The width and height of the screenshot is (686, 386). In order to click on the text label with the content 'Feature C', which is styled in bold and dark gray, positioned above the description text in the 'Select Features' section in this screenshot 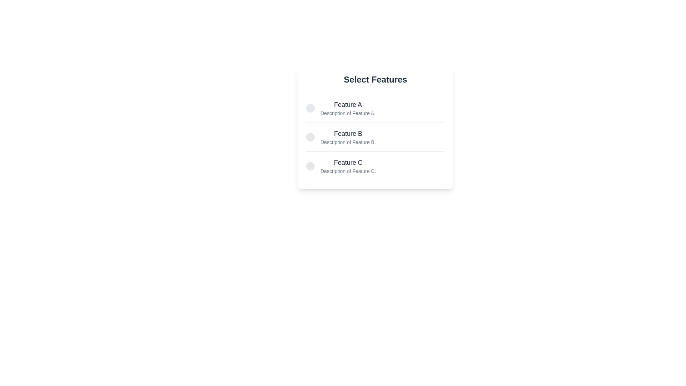, I will do `click(348, 163)`.